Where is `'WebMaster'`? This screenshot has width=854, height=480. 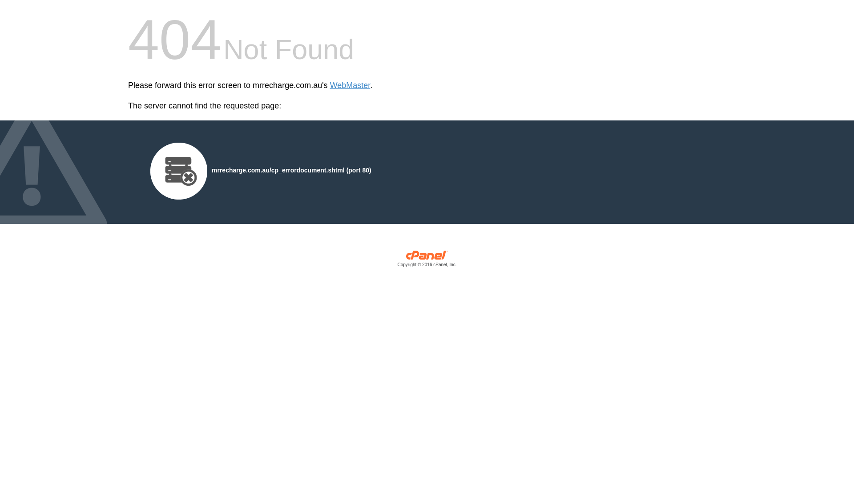 'WebMaster' is located at coordinates (350, 85).